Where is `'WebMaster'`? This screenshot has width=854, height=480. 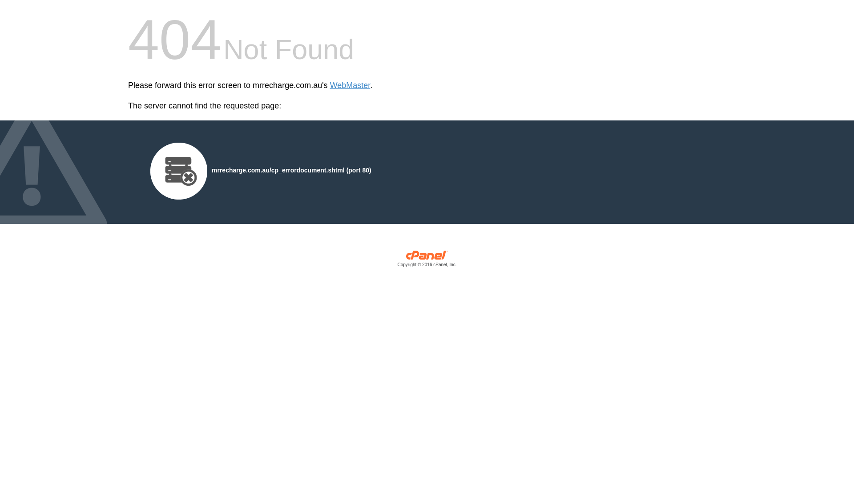 'WebMaster' is located at coordinates (350, 85).